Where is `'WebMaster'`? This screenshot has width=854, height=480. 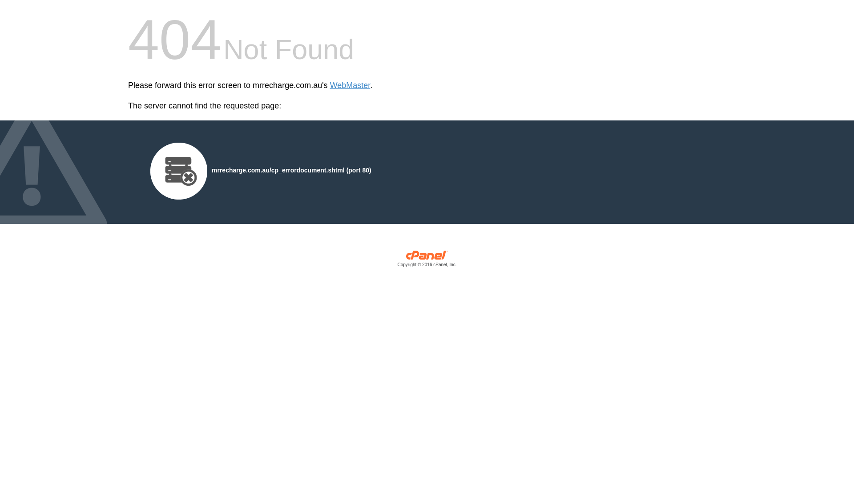 'WebMaster' is located at coordinates (350, 85).